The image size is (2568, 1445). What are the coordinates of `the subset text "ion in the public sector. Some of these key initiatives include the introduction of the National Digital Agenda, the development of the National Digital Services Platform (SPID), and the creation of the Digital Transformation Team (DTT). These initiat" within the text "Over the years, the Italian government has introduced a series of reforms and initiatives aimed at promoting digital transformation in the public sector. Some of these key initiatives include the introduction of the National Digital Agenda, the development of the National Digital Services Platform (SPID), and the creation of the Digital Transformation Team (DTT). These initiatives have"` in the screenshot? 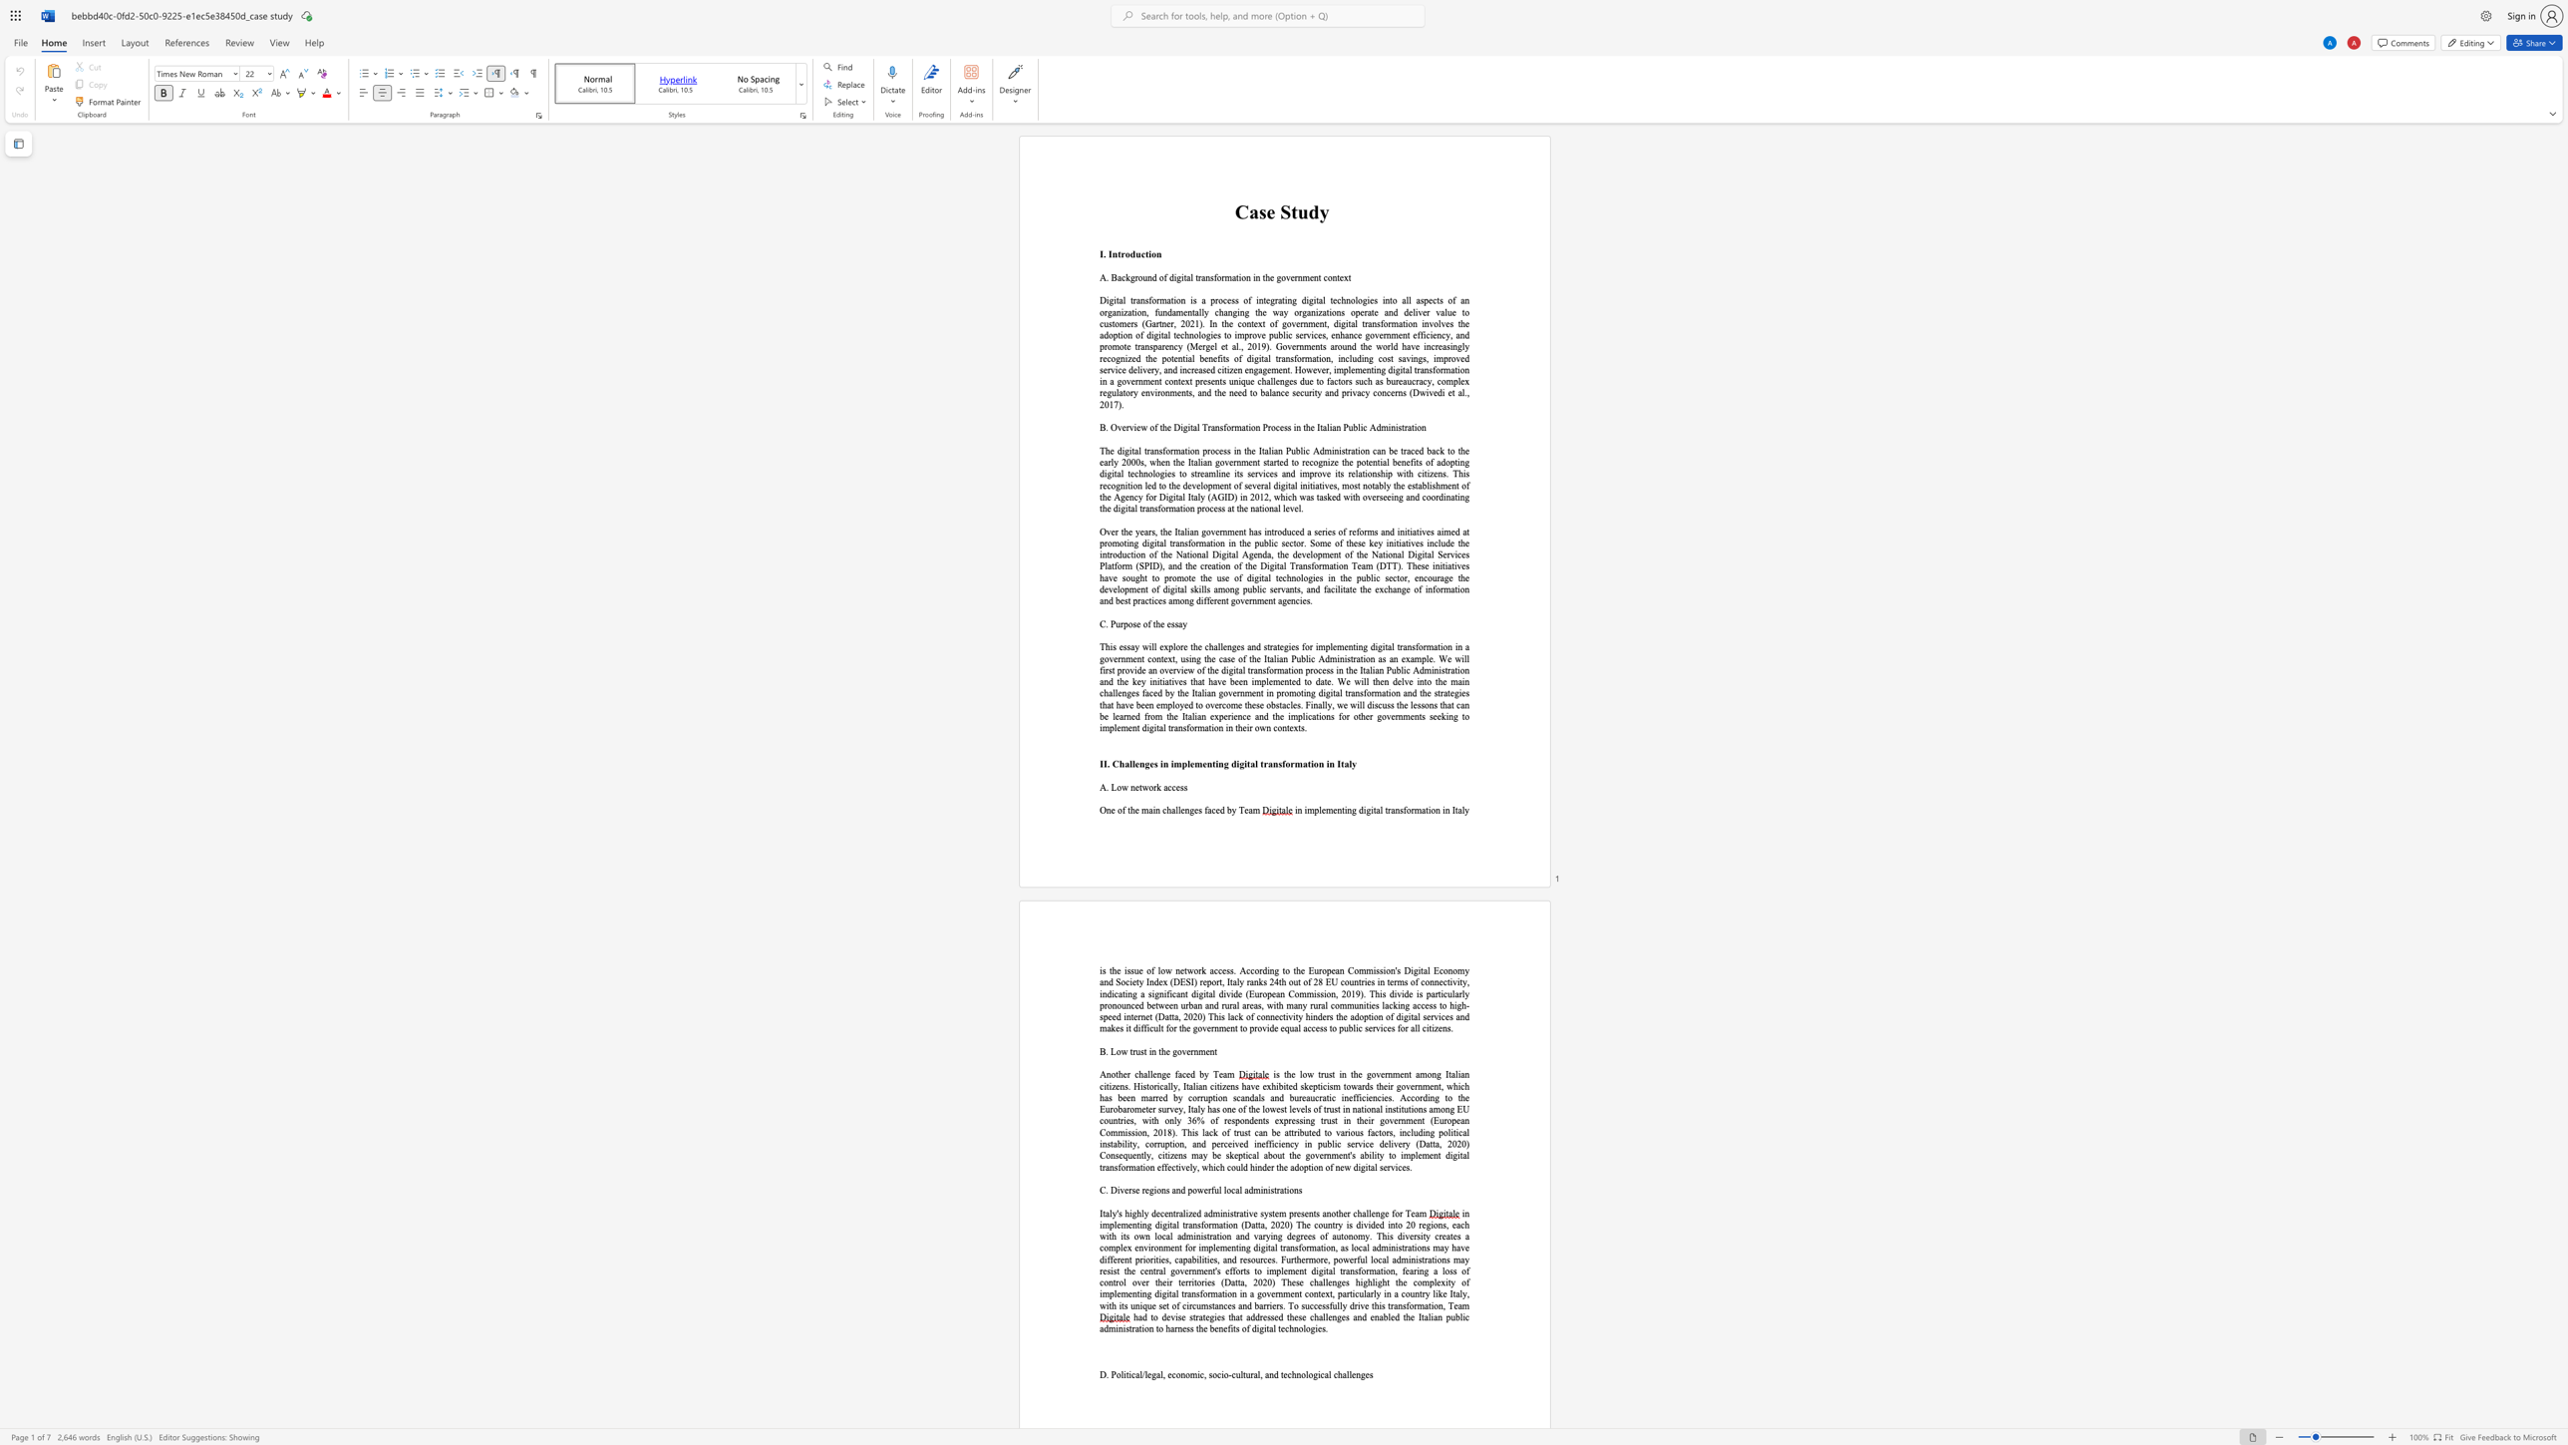 It's located at (1212, 542).